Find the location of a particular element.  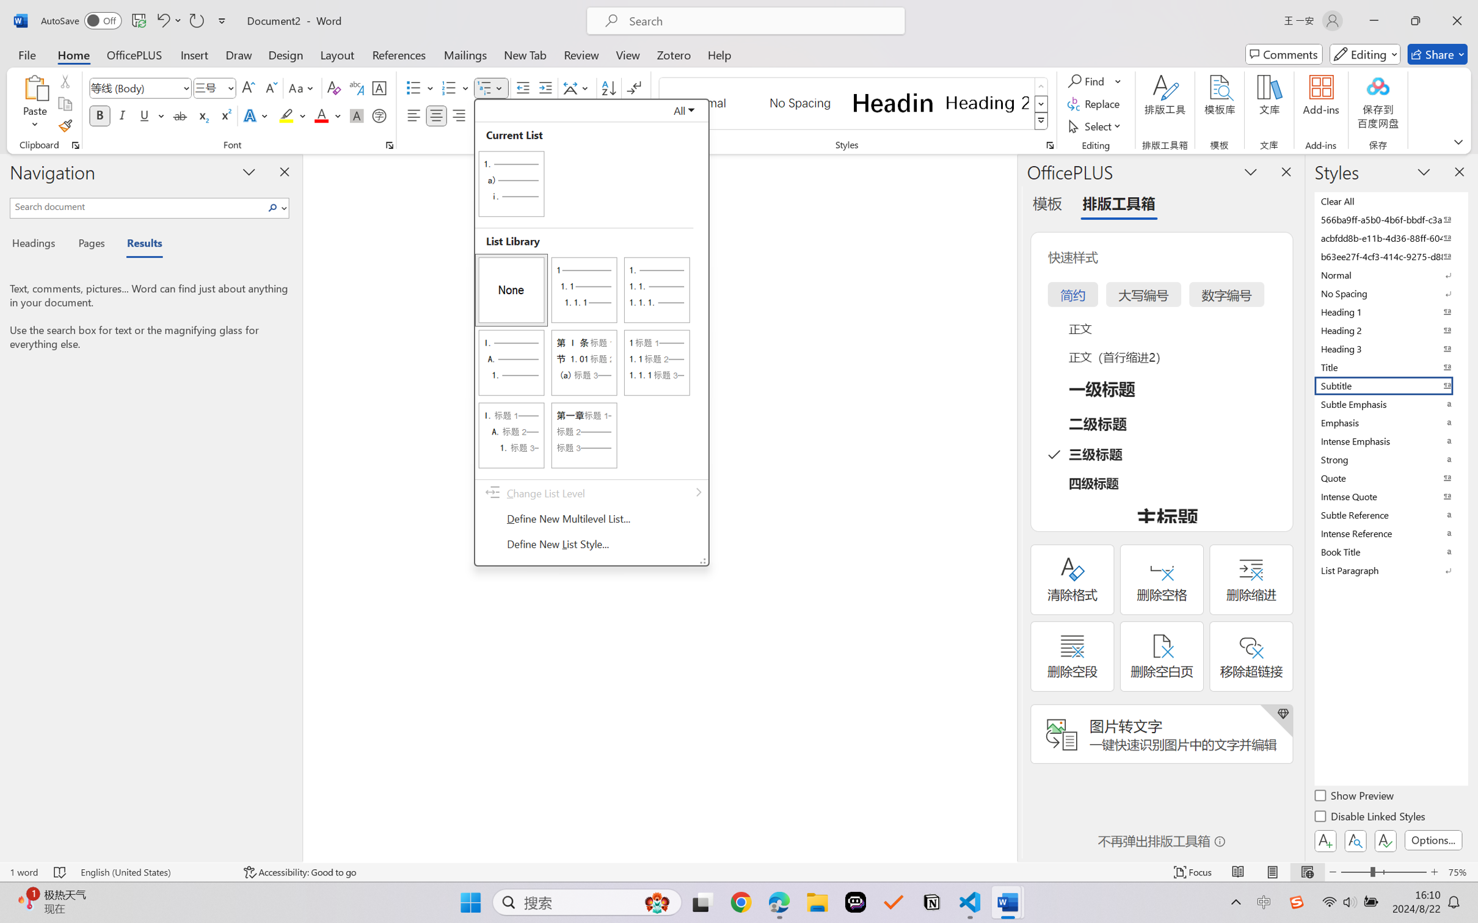

'Notifications' is located at coordinates (1465, 890).